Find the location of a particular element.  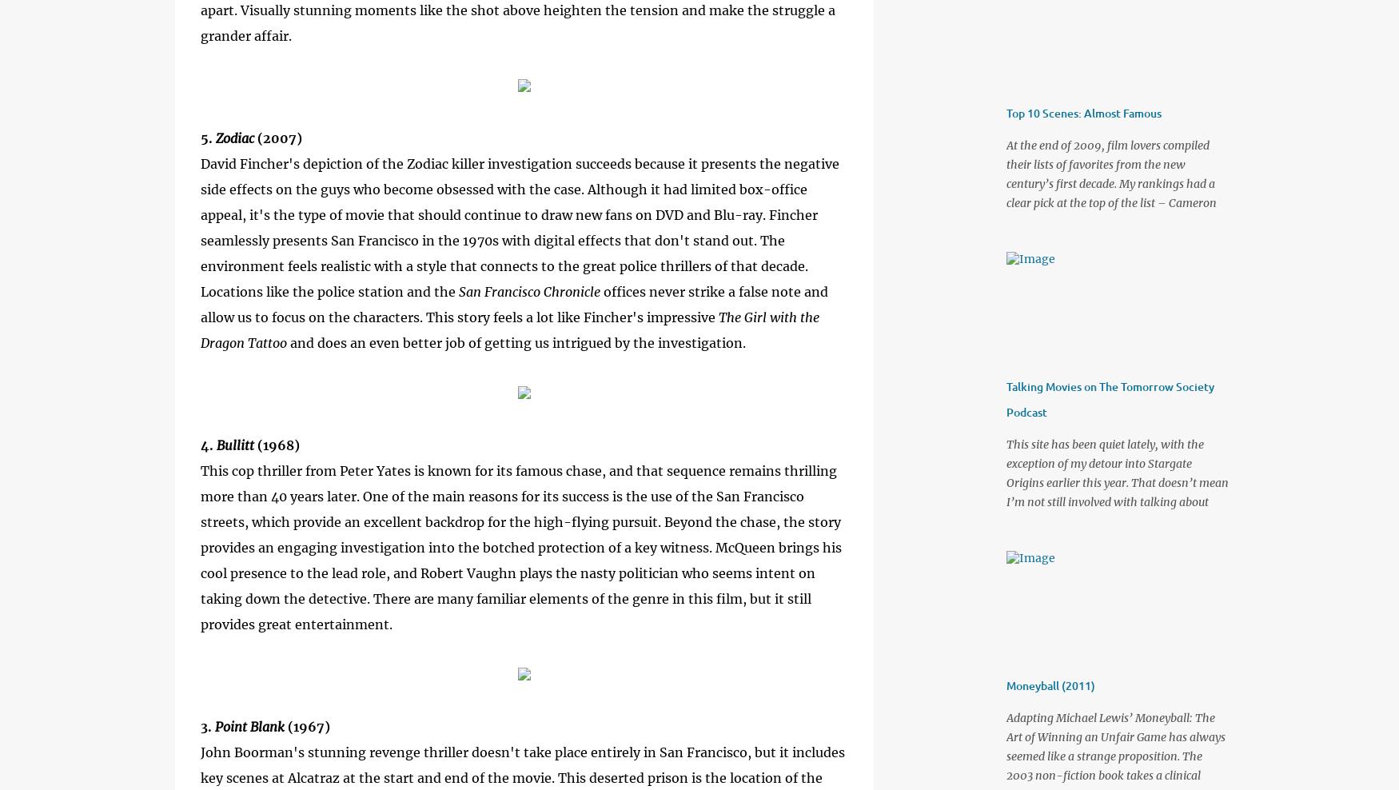

'Zodiac' is located at coordinates (235, 137).